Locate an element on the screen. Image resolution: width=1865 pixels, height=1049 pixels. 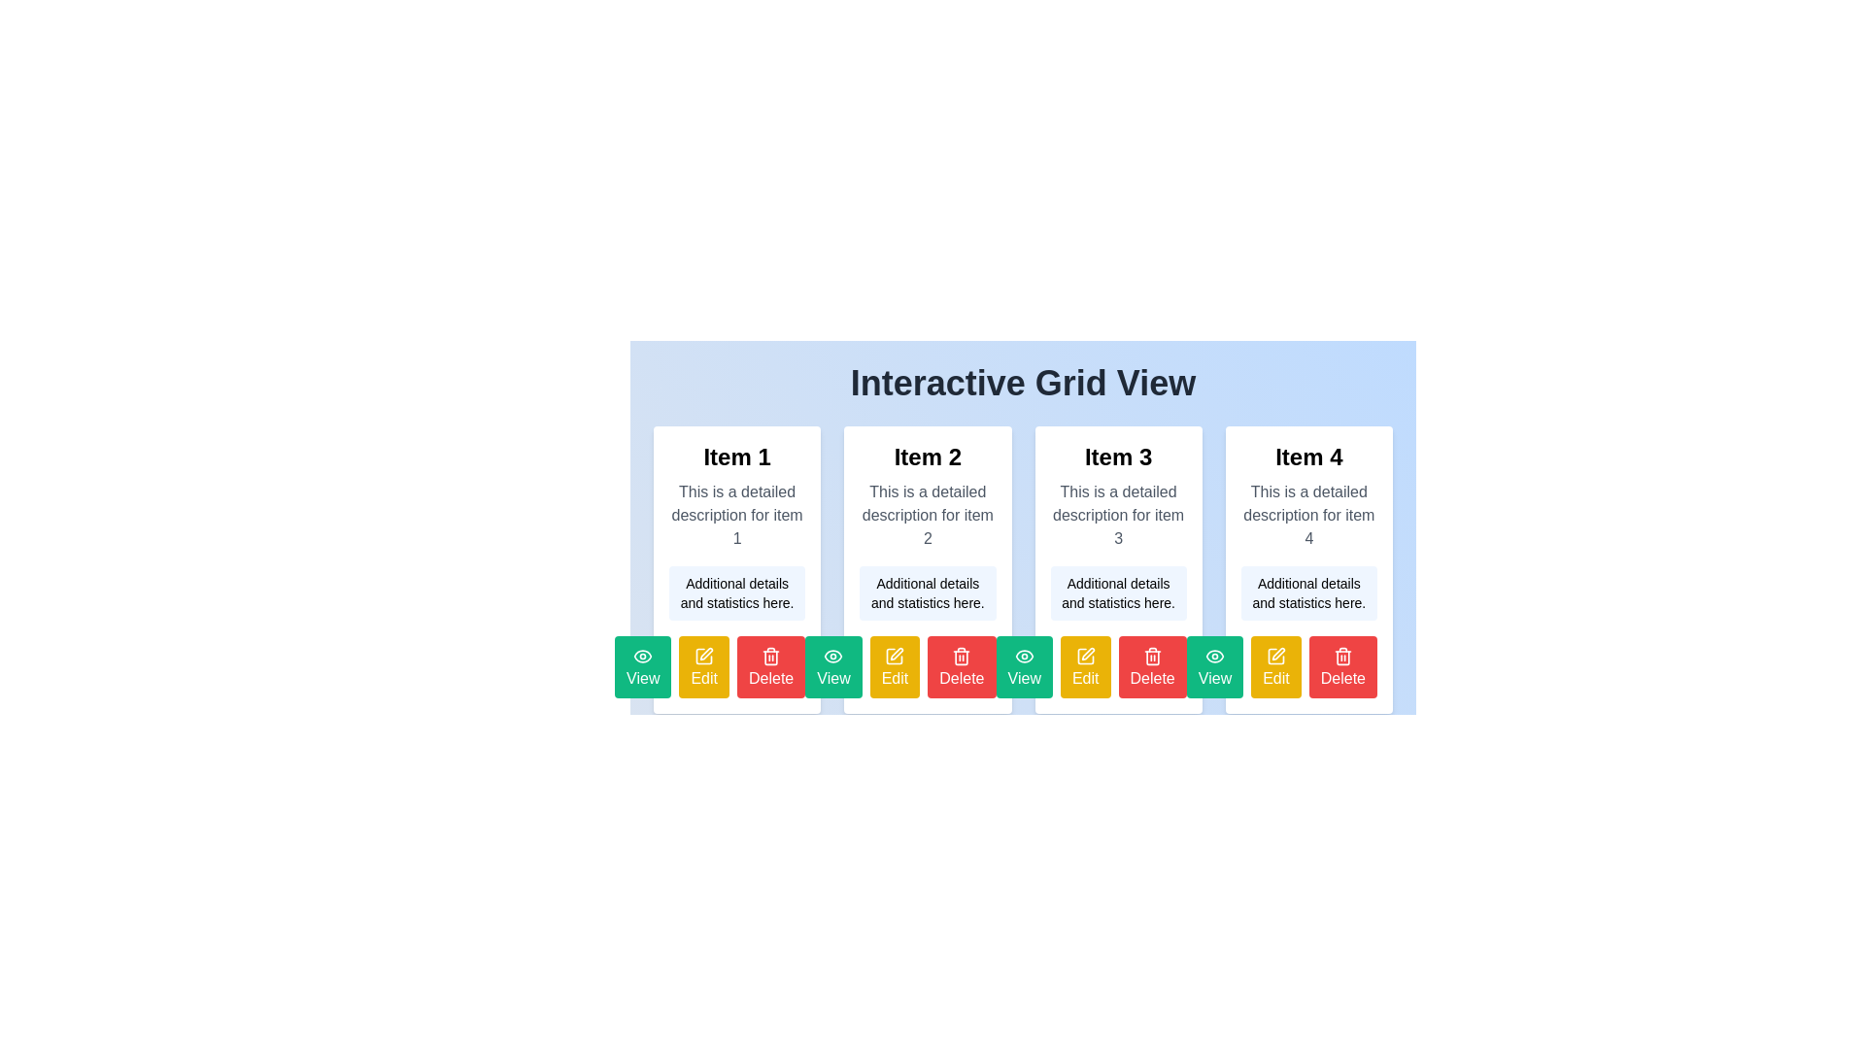
the edit icon located within the yellow 'Edit' button beneath 'Item 3', which indicates edit capabilities for the associated item is located at coordinates (894, 656).